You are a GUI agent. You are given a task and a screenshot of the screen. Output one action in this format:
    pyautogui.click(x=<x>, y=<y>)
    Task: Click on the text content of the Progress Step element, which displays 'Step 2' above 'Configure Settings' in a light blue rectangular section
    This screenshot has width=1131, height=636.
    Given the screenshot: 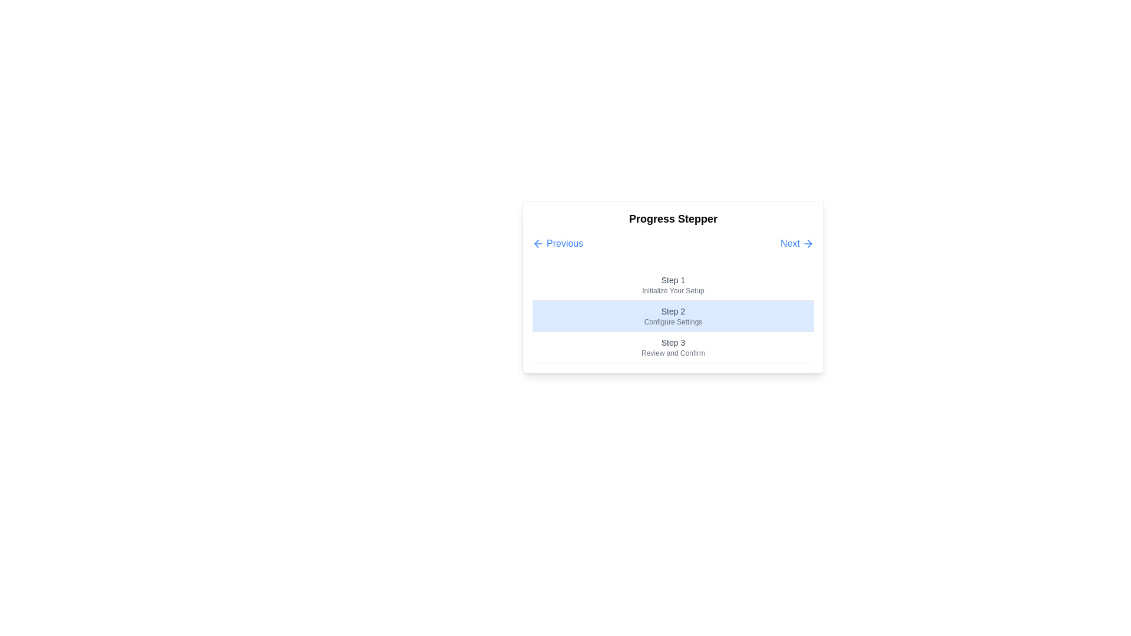 What is the action you would take?
    pyautogui.click(x=673, y=316)
    